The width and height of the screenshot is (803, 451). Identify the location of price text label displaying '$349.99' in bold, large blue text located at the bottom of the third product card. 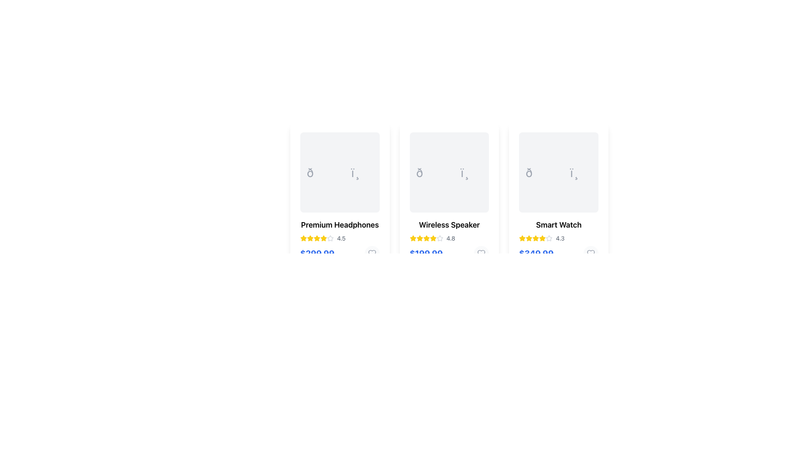
(536, 253).